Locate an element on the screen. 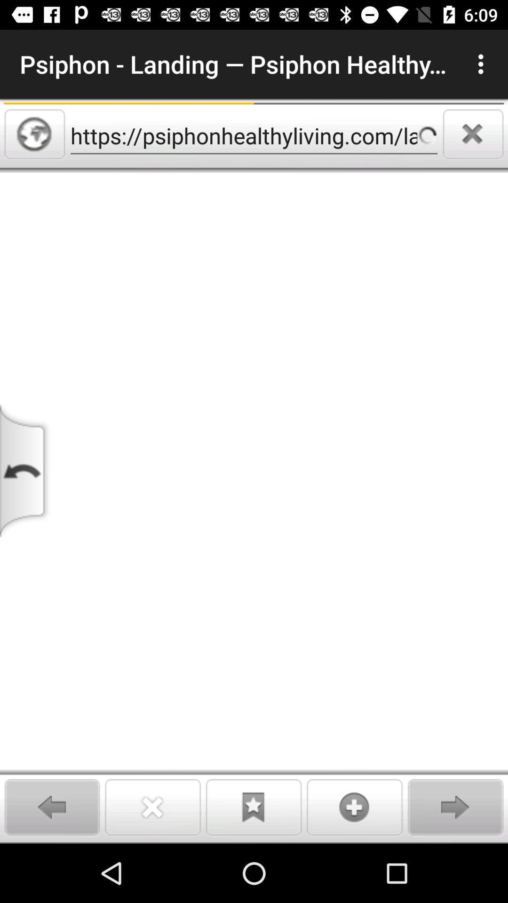 The image size is (508, 903). bookmark button is located at coordinates (253, 807).